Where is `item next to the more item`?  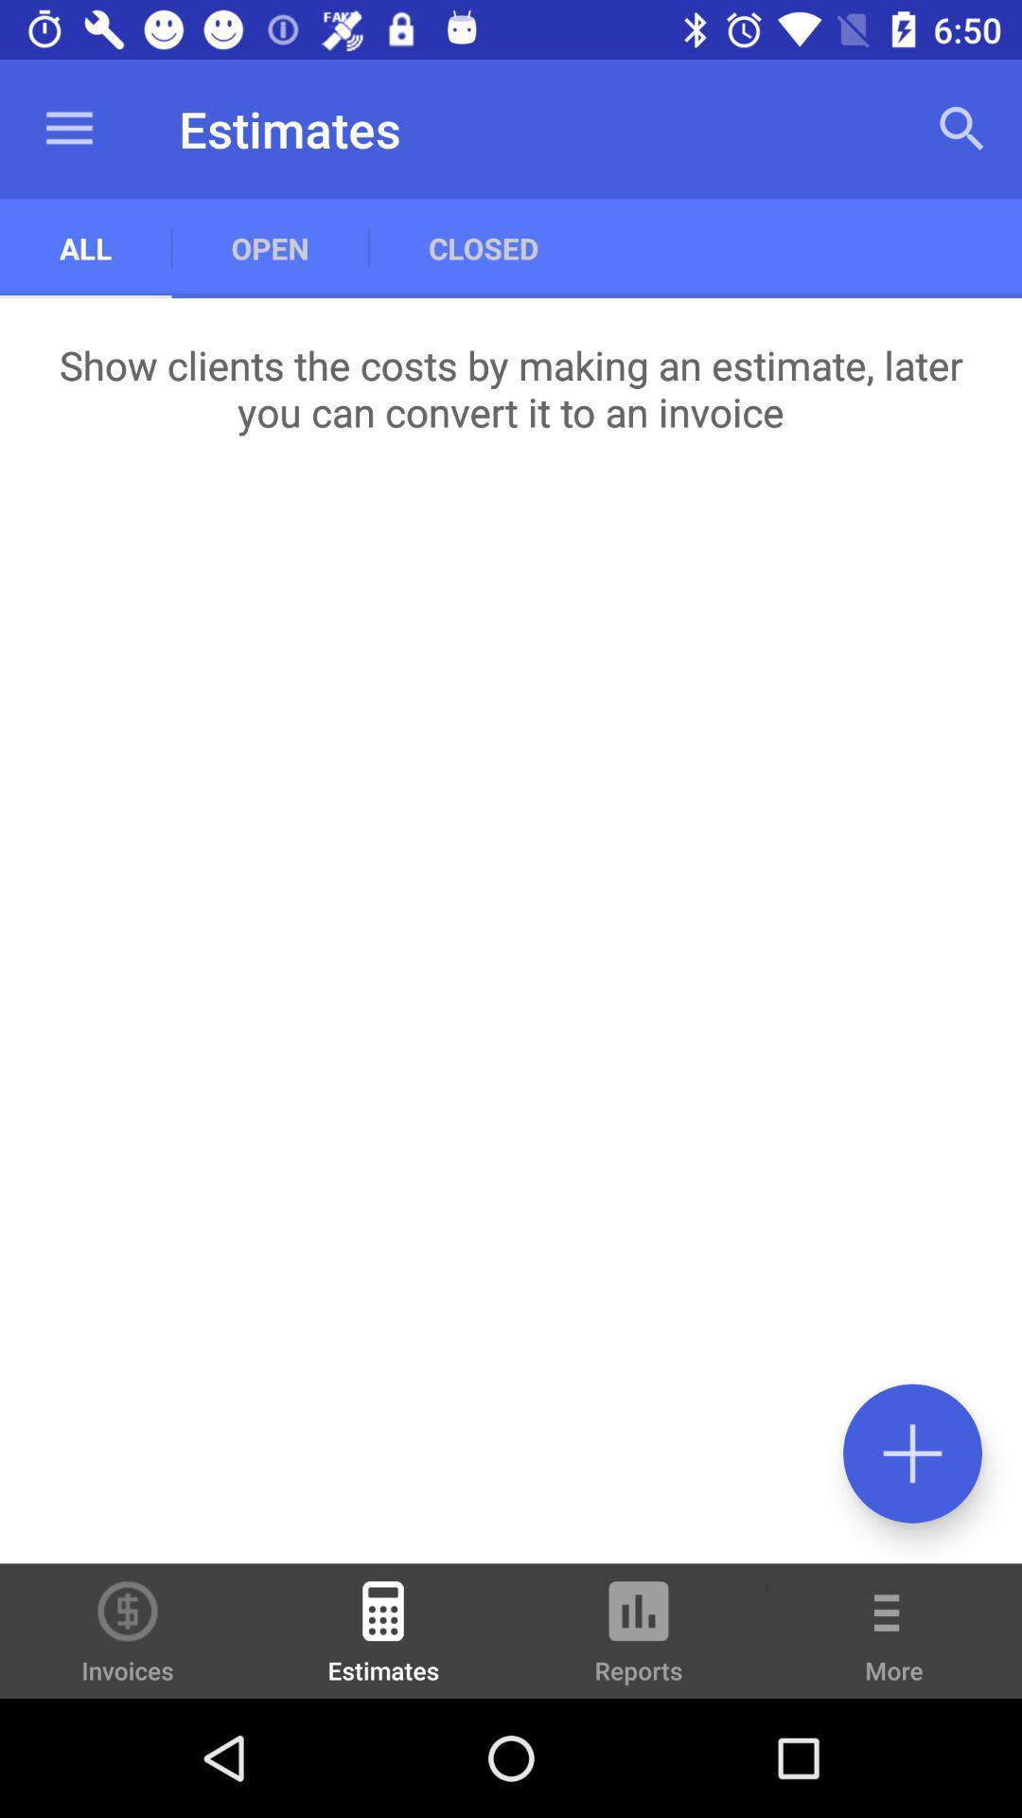
item next to the more item is located at coordinates (639, 1639).